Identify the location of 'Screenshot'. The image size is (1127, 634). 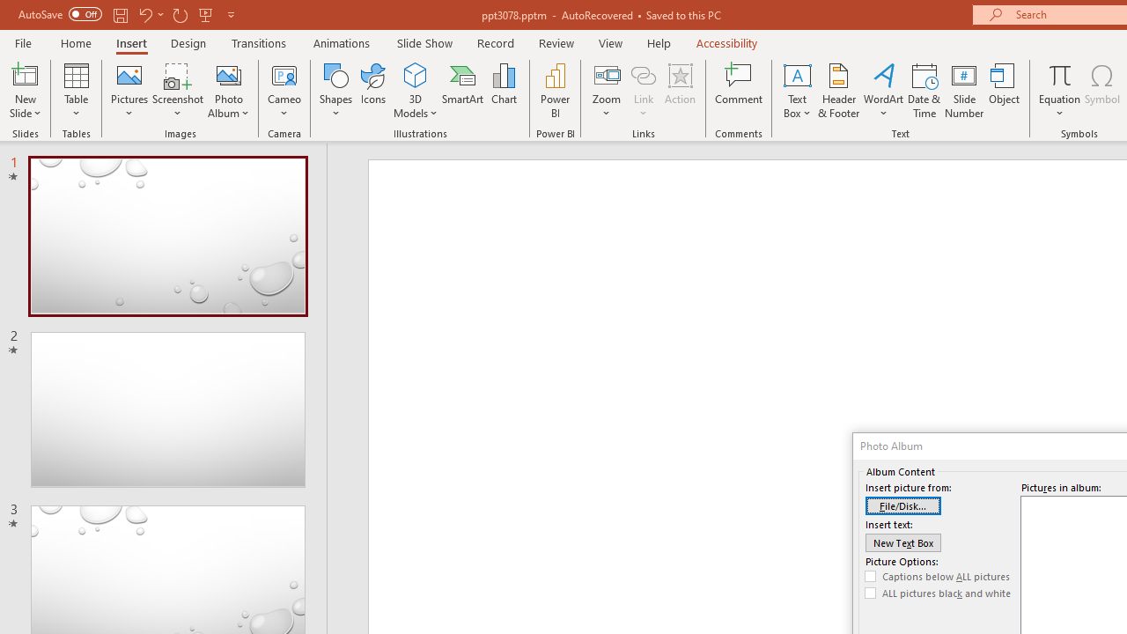
(178, 91).